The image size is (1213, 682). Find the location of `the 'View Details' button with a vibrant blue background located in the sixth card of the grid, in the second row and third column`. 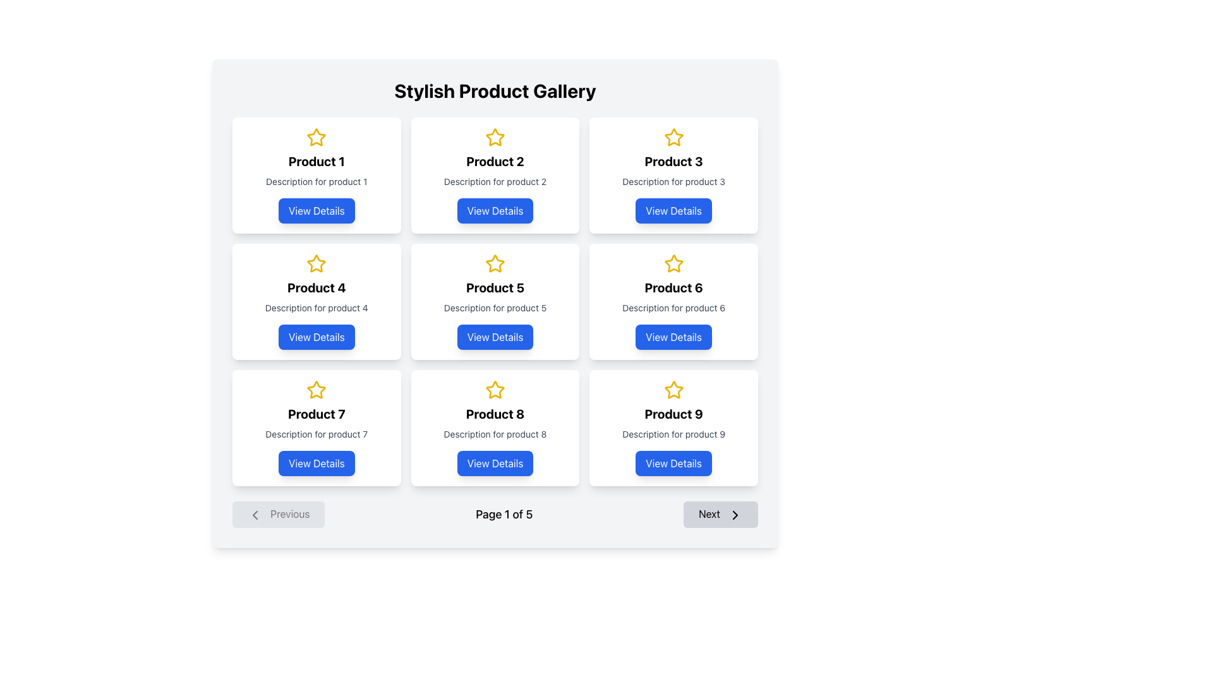

the 'View Details' button with a vibrant blue background located in the sixth card of the grid, in the second row and third column is located at coordinates (673, 336).